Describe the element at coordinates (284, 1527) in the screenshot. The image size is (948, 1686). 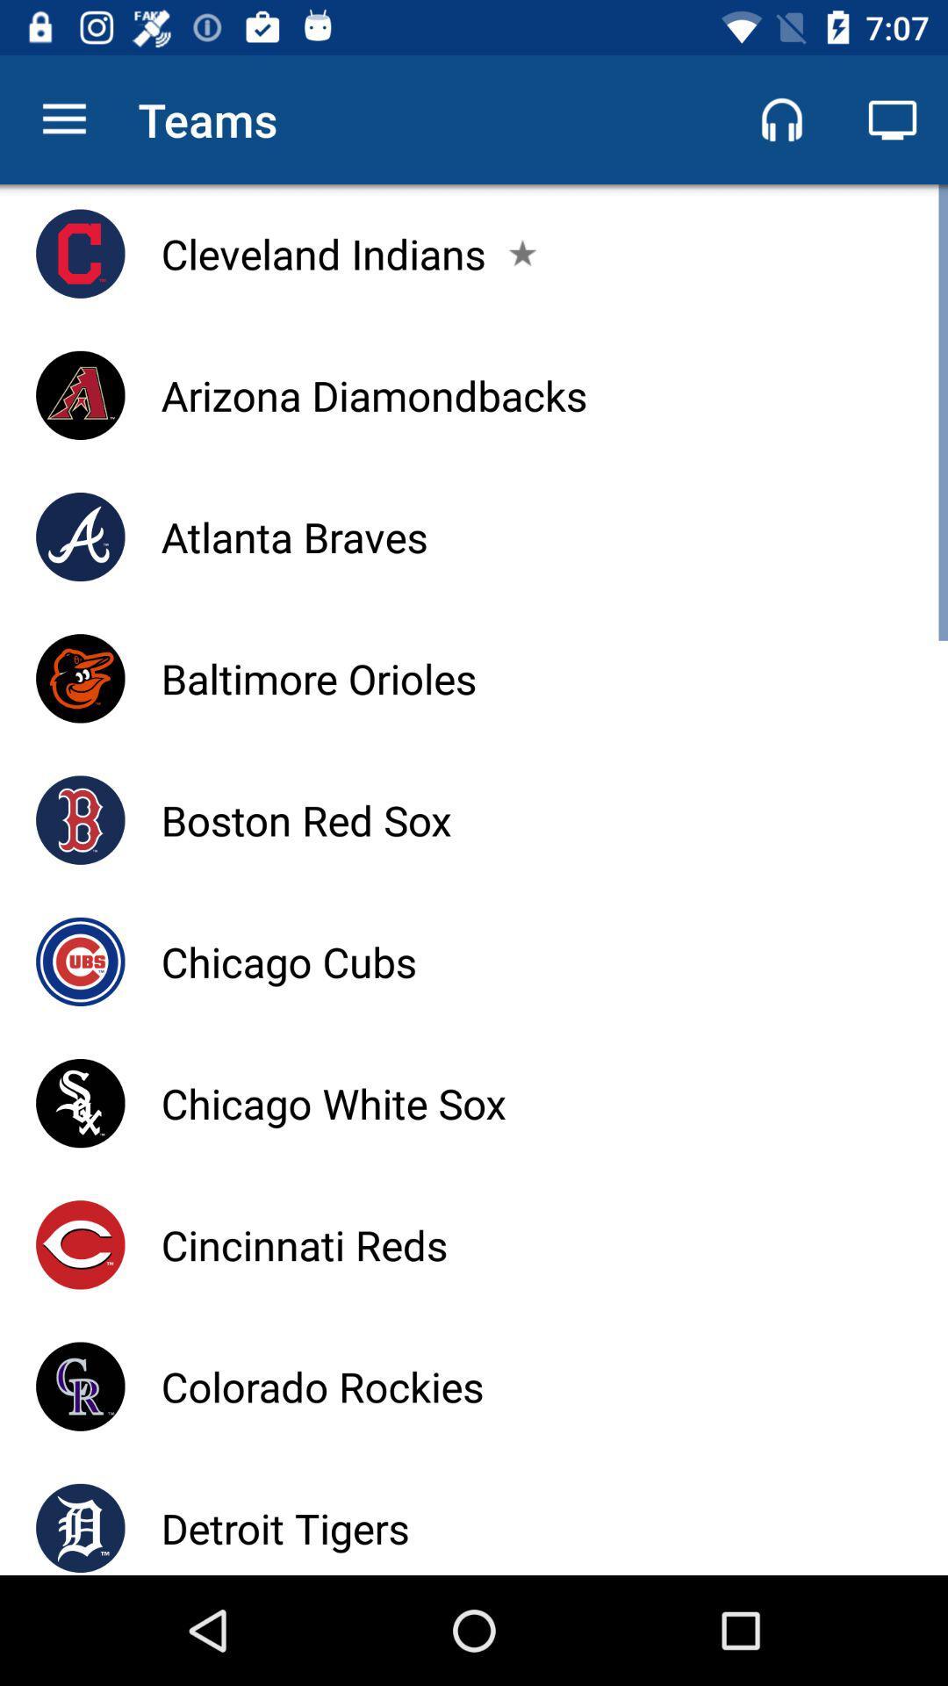
I see `the detroit tigers icon` at that location.